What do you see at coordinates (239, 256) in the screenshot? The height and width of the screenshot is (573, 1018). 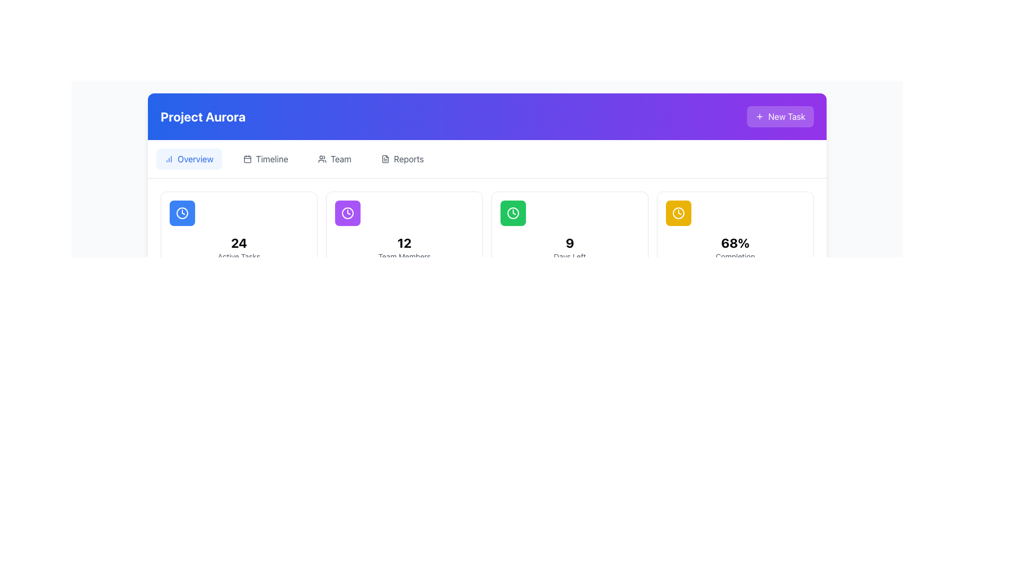 I see `the text label that describes the context of the quantitative data '24', located within a white, rounded card component, positioned below the large bold text '24'` at bounding box center [239, 256].